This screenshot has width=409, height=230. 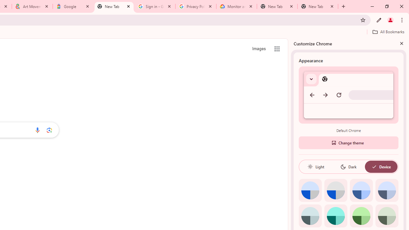 What do you see at coordinates (316, 166) in the screenshot?
I see `'Light'` at bounding box center [316, 166].